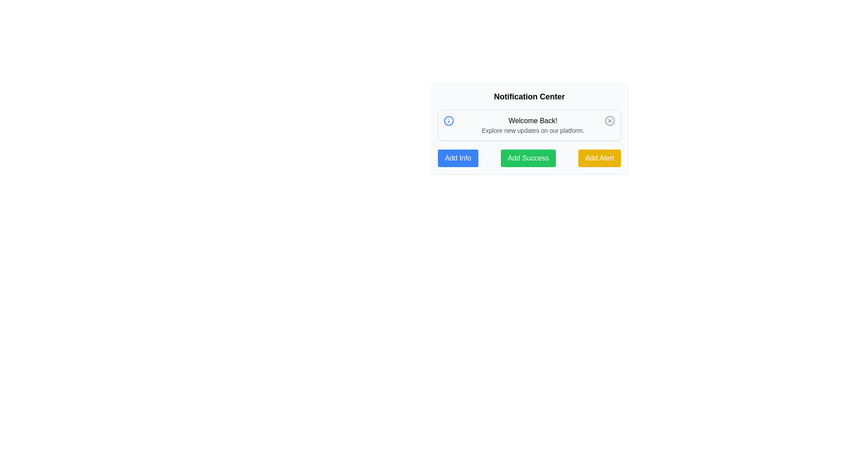 This screenshot has height=475, width=845. Describe the element at coordinates (458, 157) in the screenshot. I see `the 'Add Info' button, which is a rectangular button with white text on a blue background` at that location.